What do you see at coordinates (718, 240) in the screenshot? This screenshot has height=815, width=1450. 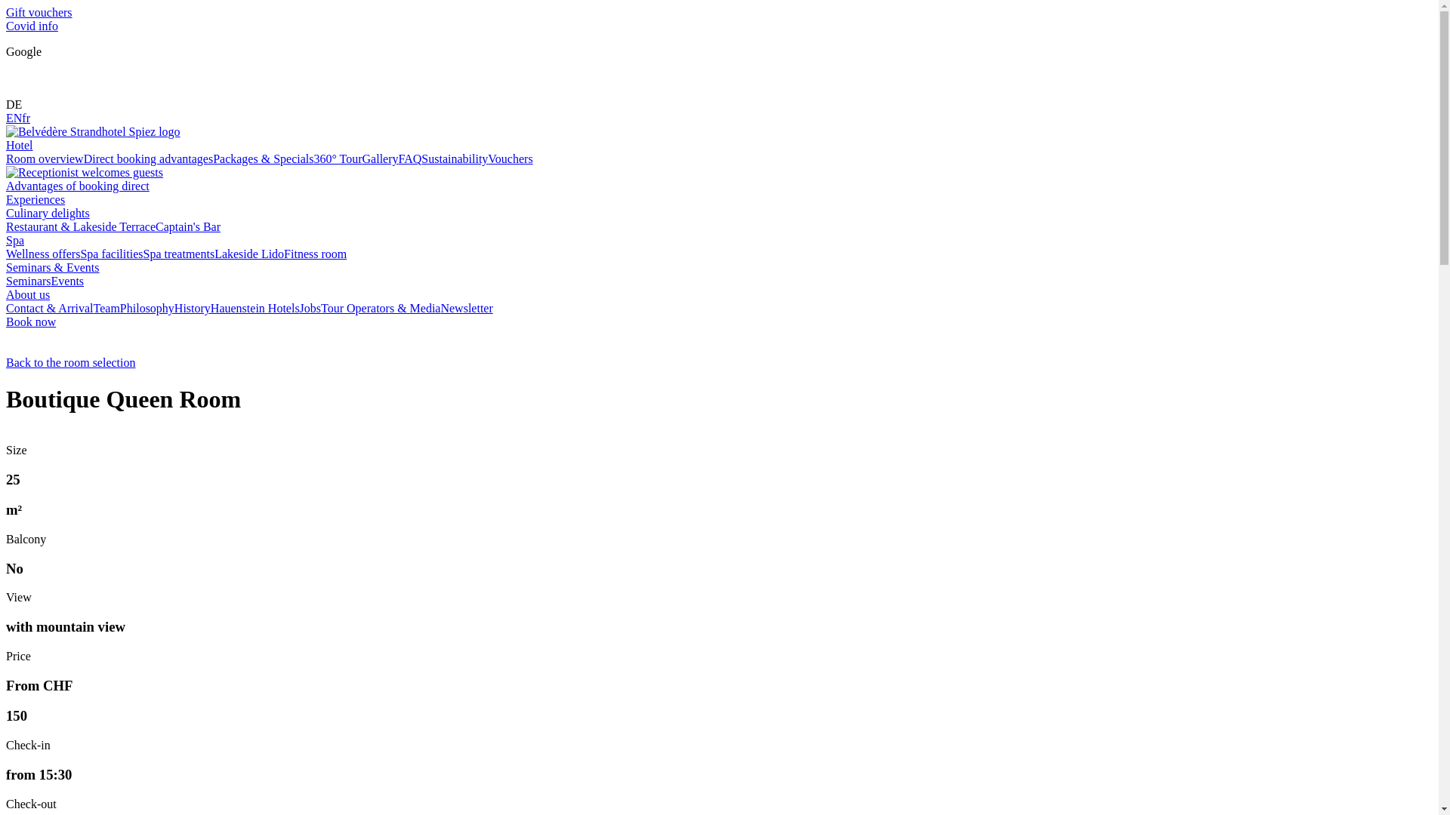 I see `'Spa'` at bounding box center [718, 240].